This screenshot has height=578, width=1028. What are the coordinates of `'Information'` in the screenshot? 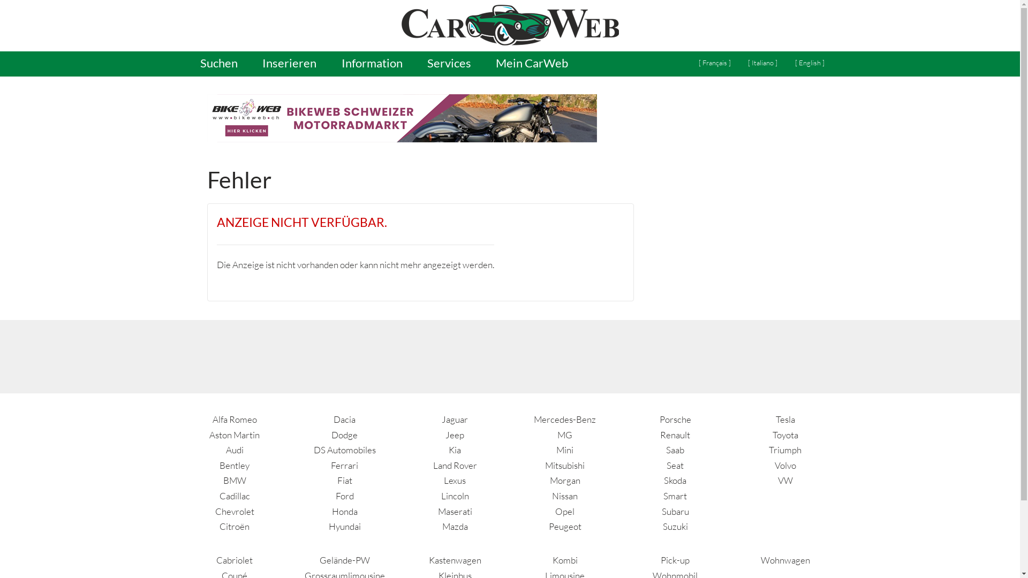 It's located at (372, 64).